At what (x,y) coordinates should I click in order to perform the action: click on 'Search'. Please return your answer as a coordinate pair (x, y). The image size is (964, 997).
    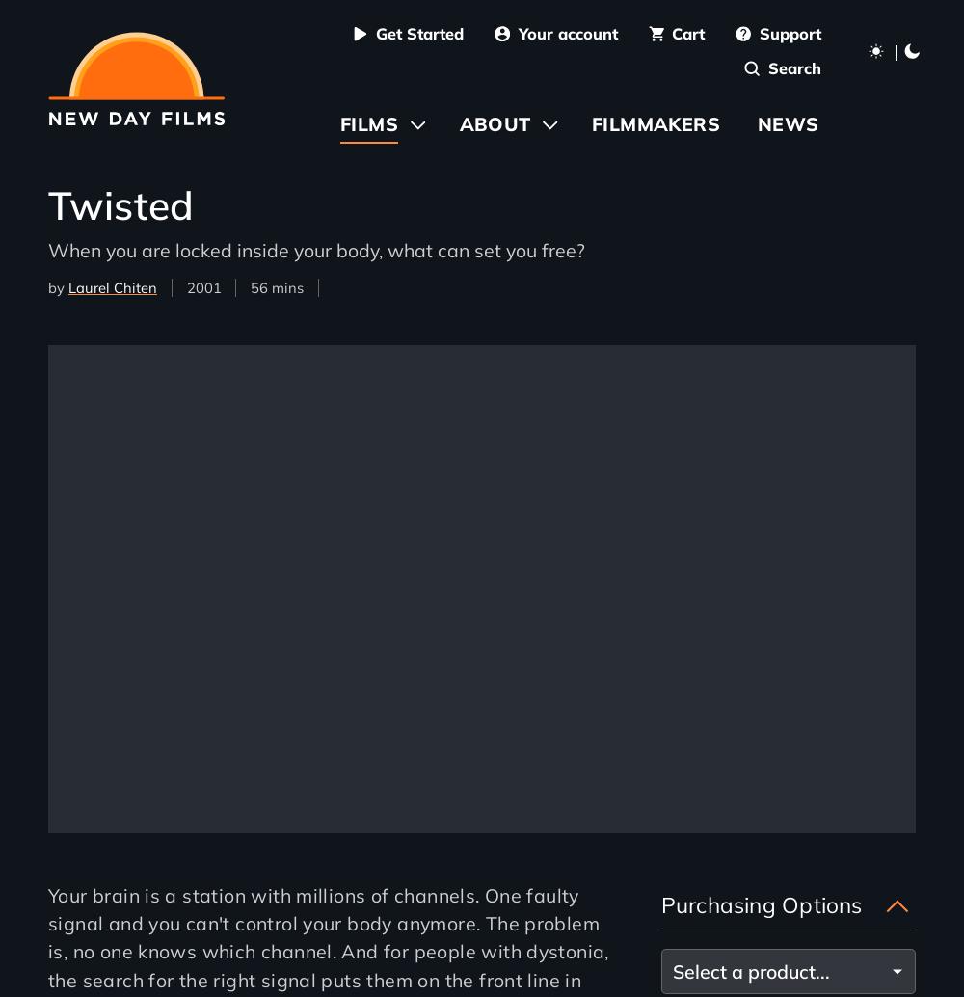
    Looking at the image, I should click on (767, 68).